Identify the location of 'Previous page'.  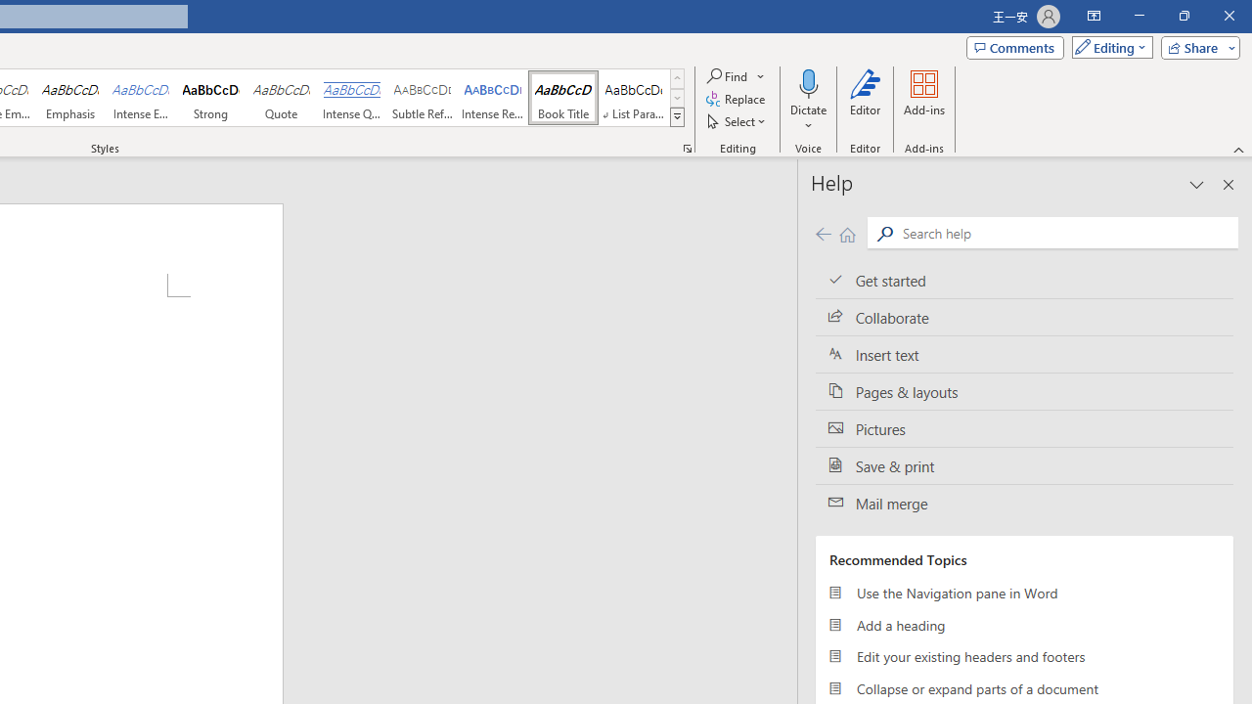
(823, 233).